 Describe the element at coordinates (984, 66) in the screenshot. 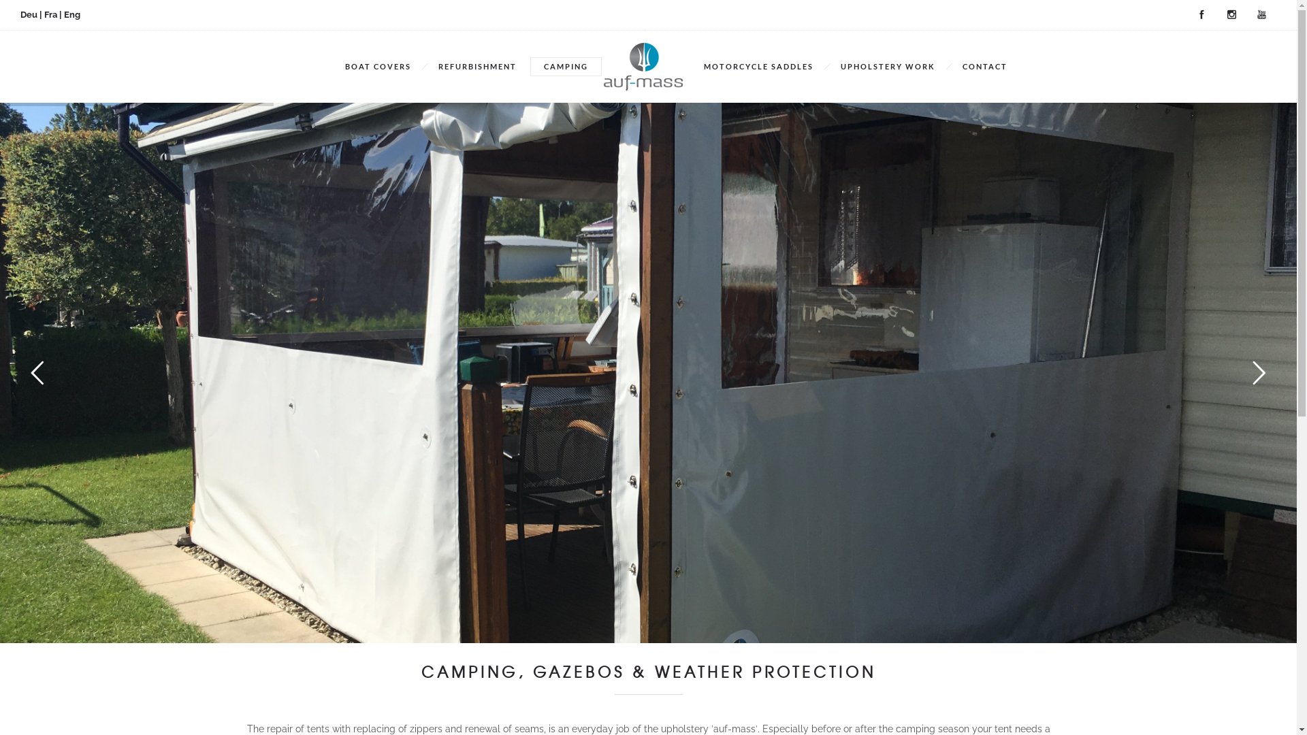

I see `'CONTACT'` at that location.